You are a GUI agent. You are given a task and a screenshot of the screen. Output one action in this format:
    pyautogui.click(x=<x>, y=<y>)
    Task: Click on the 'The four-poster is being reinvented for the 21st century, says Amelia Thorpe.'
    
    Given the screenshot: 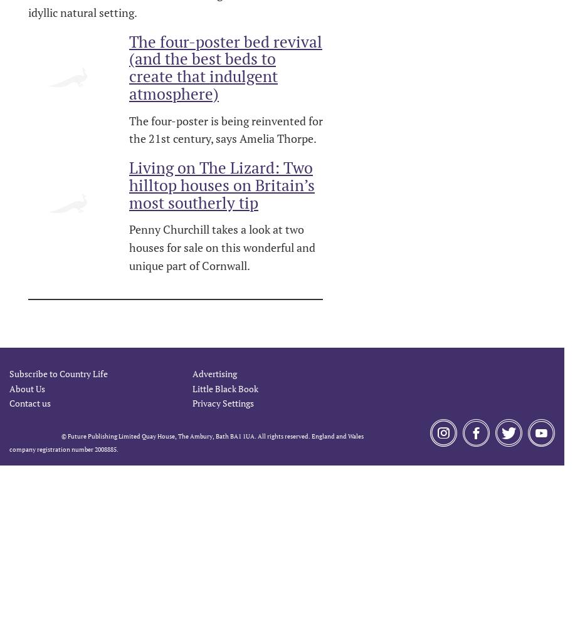 What is the action you would take?
    pyautogui.click(x=225, y=129)
    